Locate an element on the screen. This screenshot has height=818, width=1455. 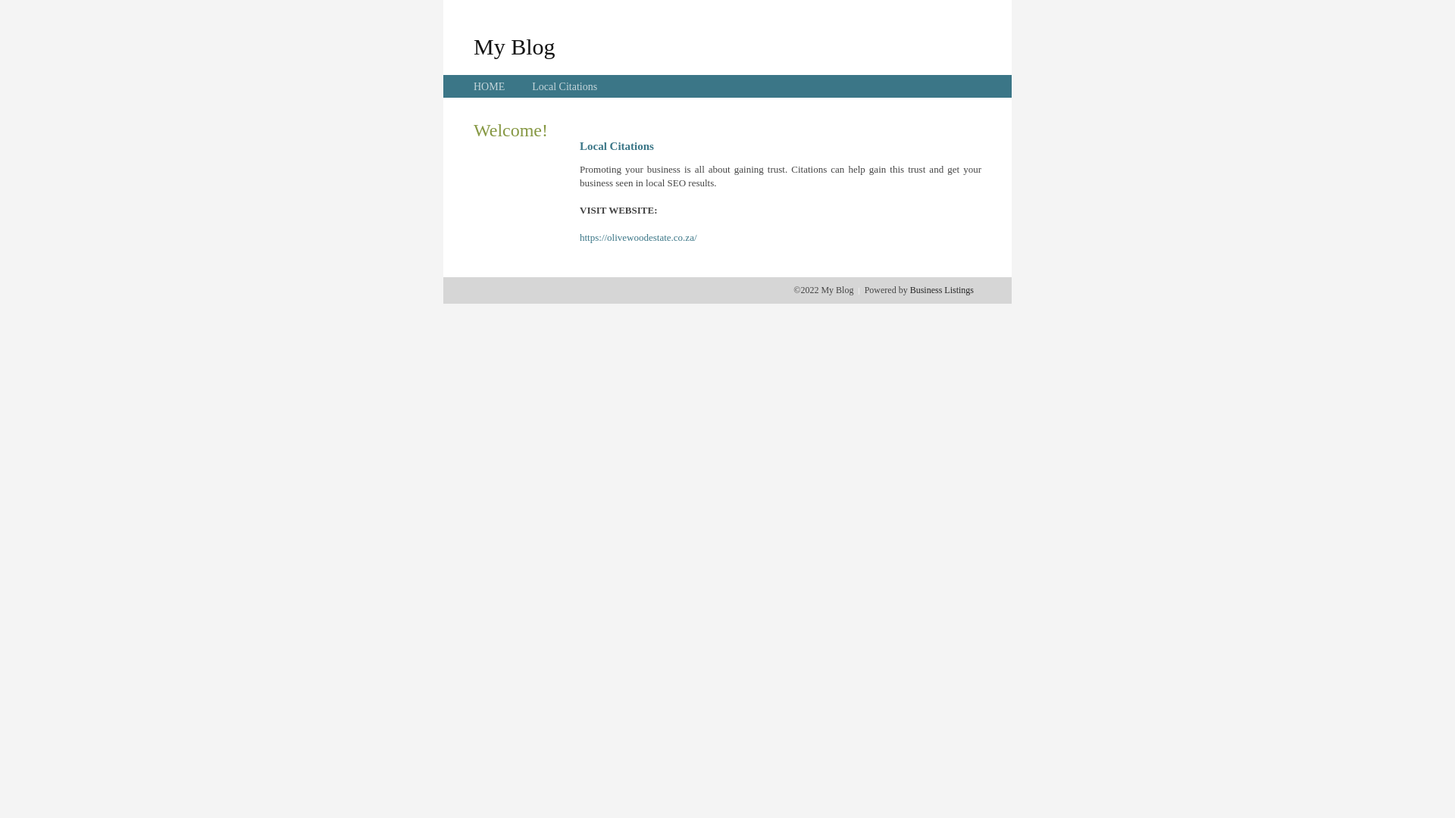
'https://olivewoodestate.co.za/' is located at coordinates (578, 237).